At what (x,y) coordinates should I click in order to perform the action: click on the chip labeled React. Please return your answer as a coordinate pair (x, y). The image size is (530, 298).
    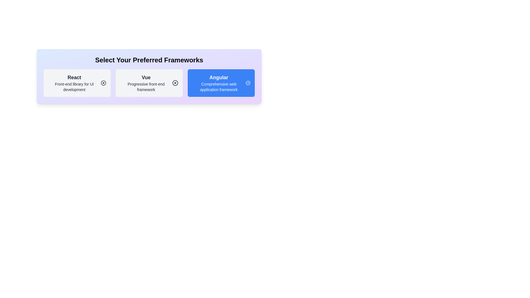
    Looking at the image, I should click on (77, 83).